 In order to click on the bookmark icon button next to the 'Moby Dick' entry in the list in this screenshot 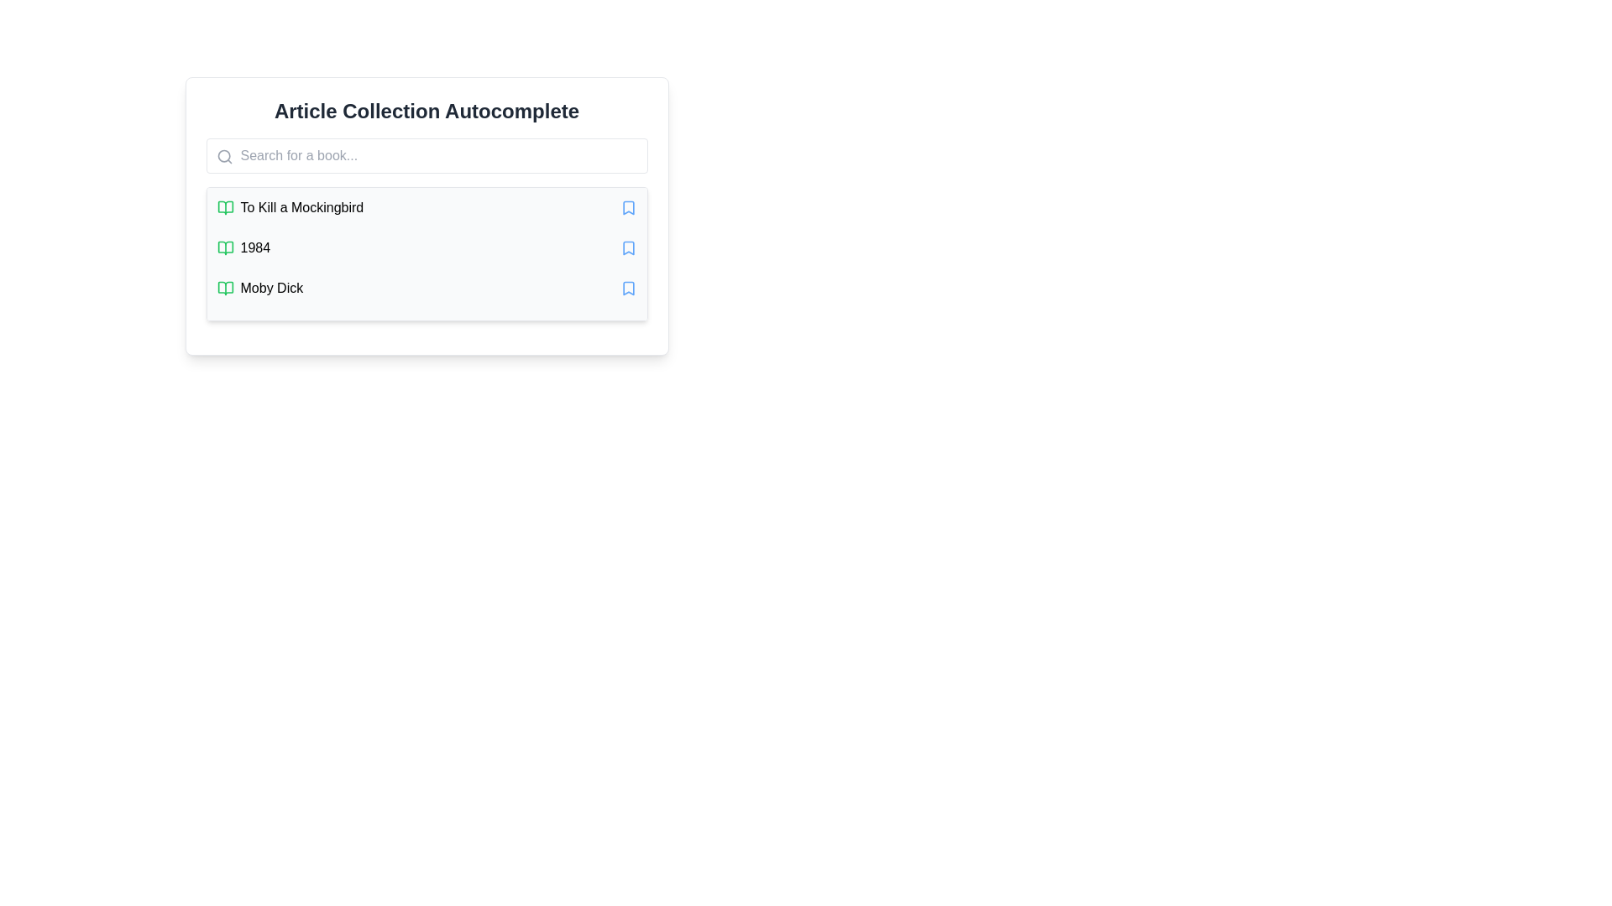, I will do `click(627, 287)`.